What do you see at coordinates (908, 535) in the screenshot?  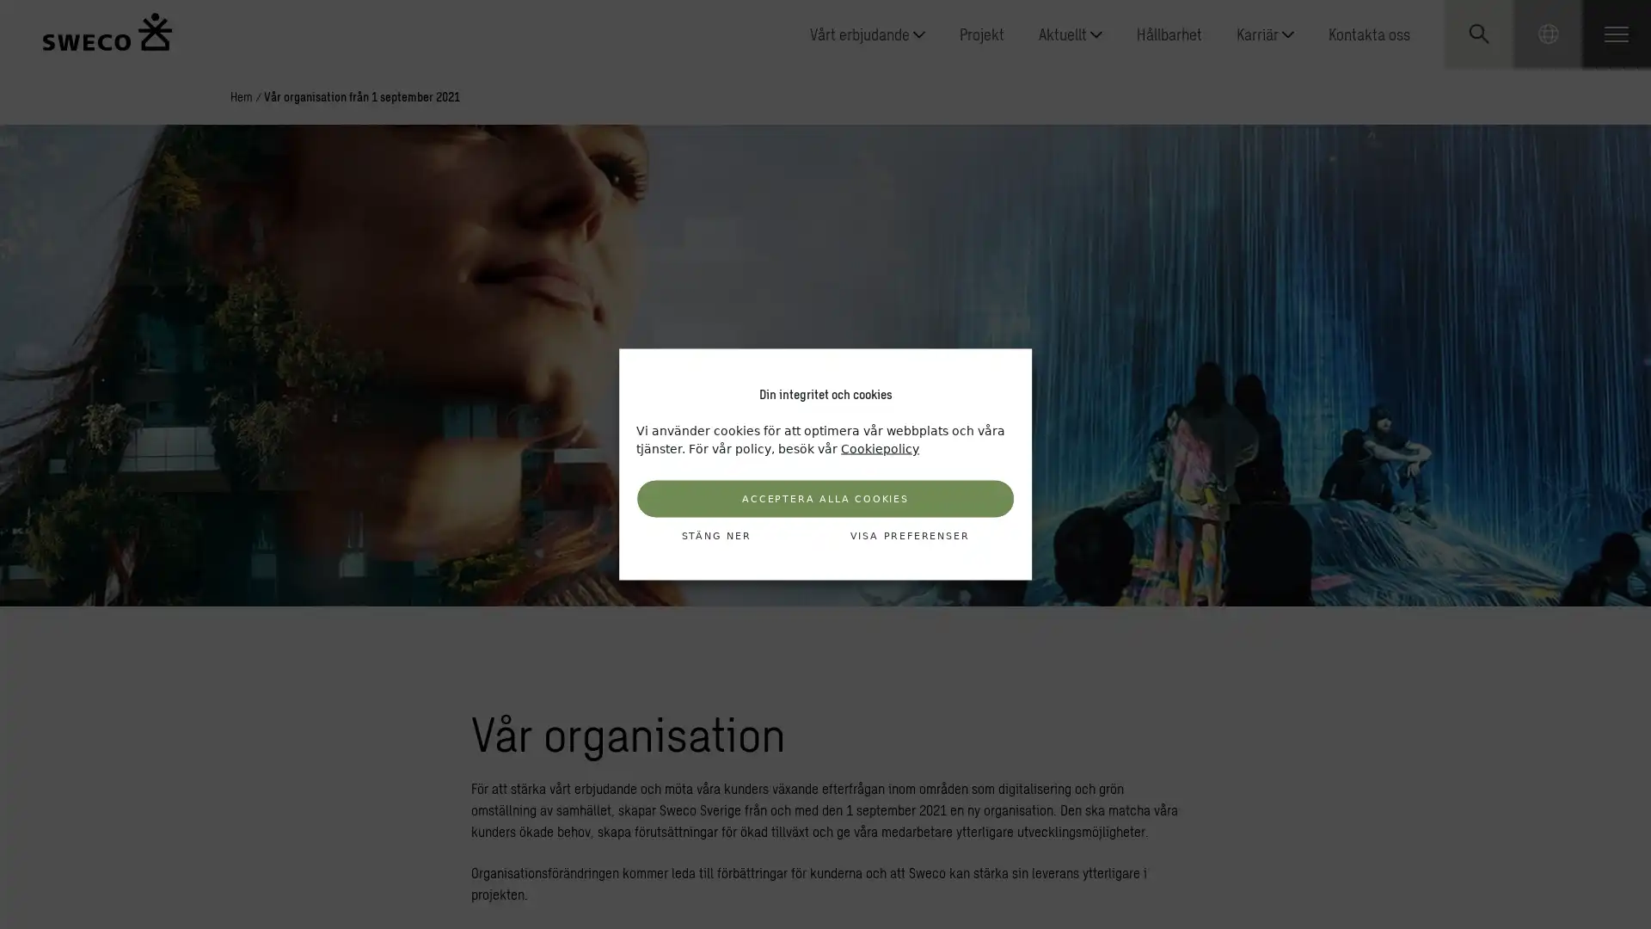 I see `VISA PREFERENSER` at bounding box center [908, 535].